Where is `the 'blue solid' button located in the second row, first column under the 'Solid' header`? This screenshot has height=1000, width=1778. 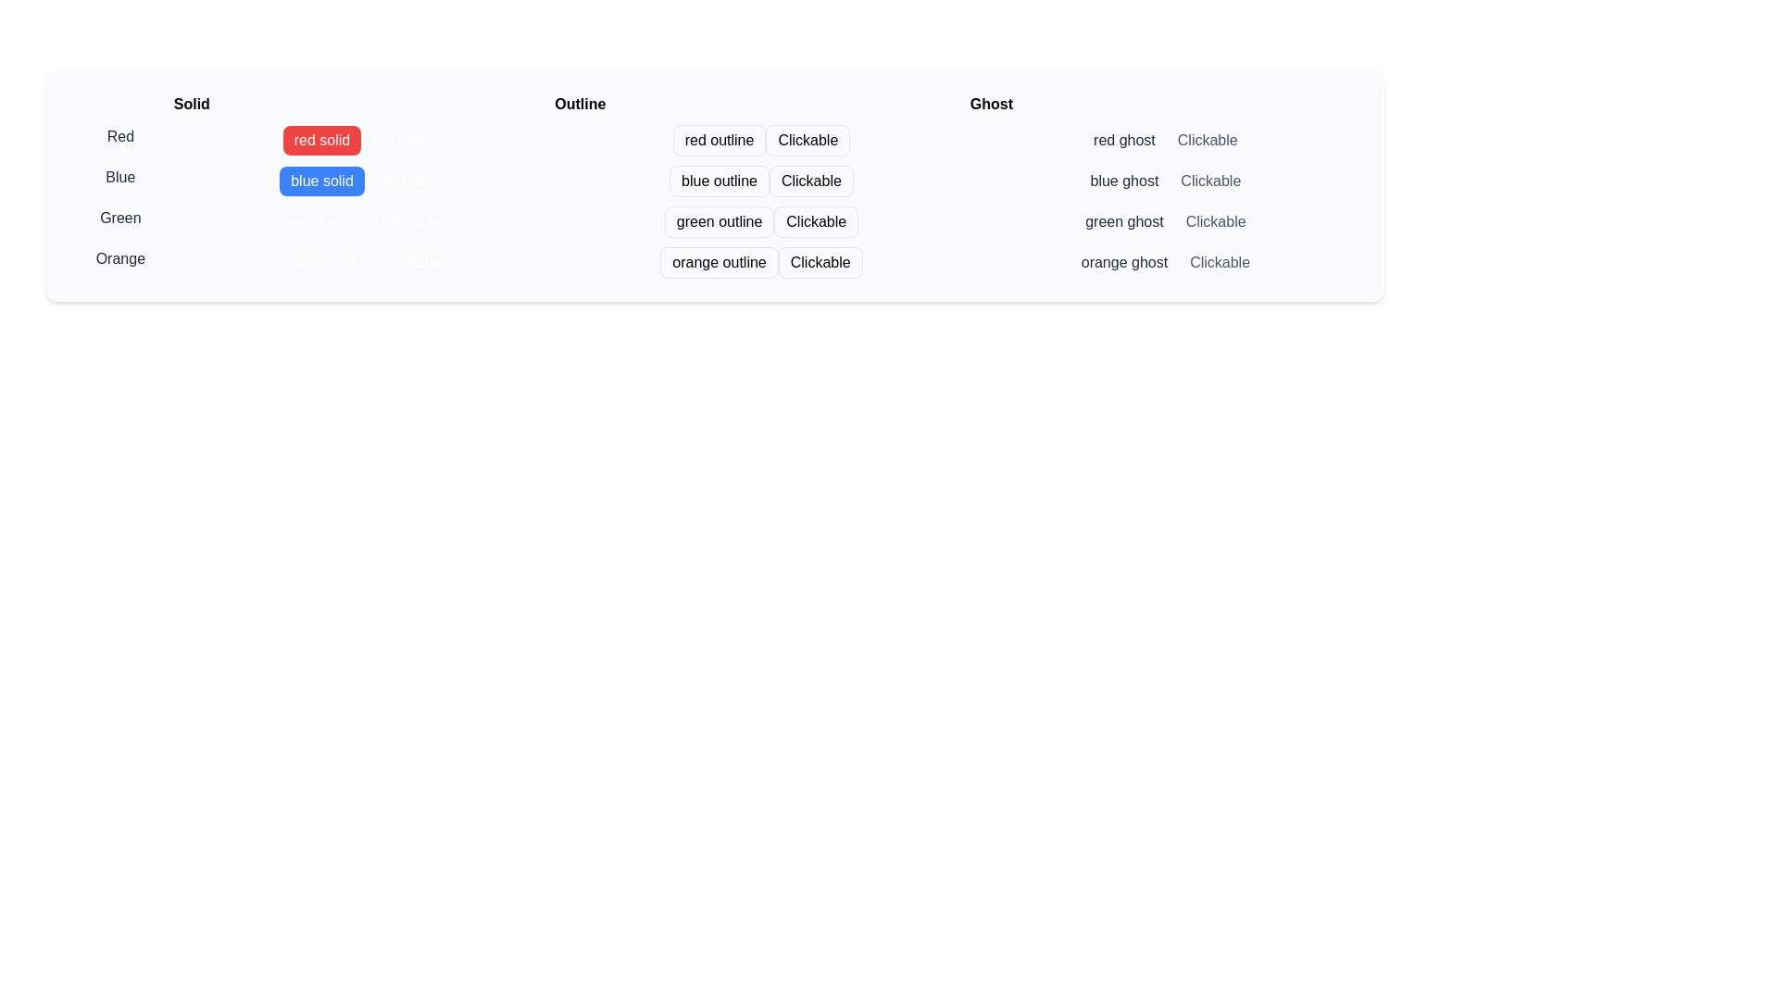 the 'blue solid' button located in the second row, first column under the 'Solid' header is located at coordinates (363, 178).